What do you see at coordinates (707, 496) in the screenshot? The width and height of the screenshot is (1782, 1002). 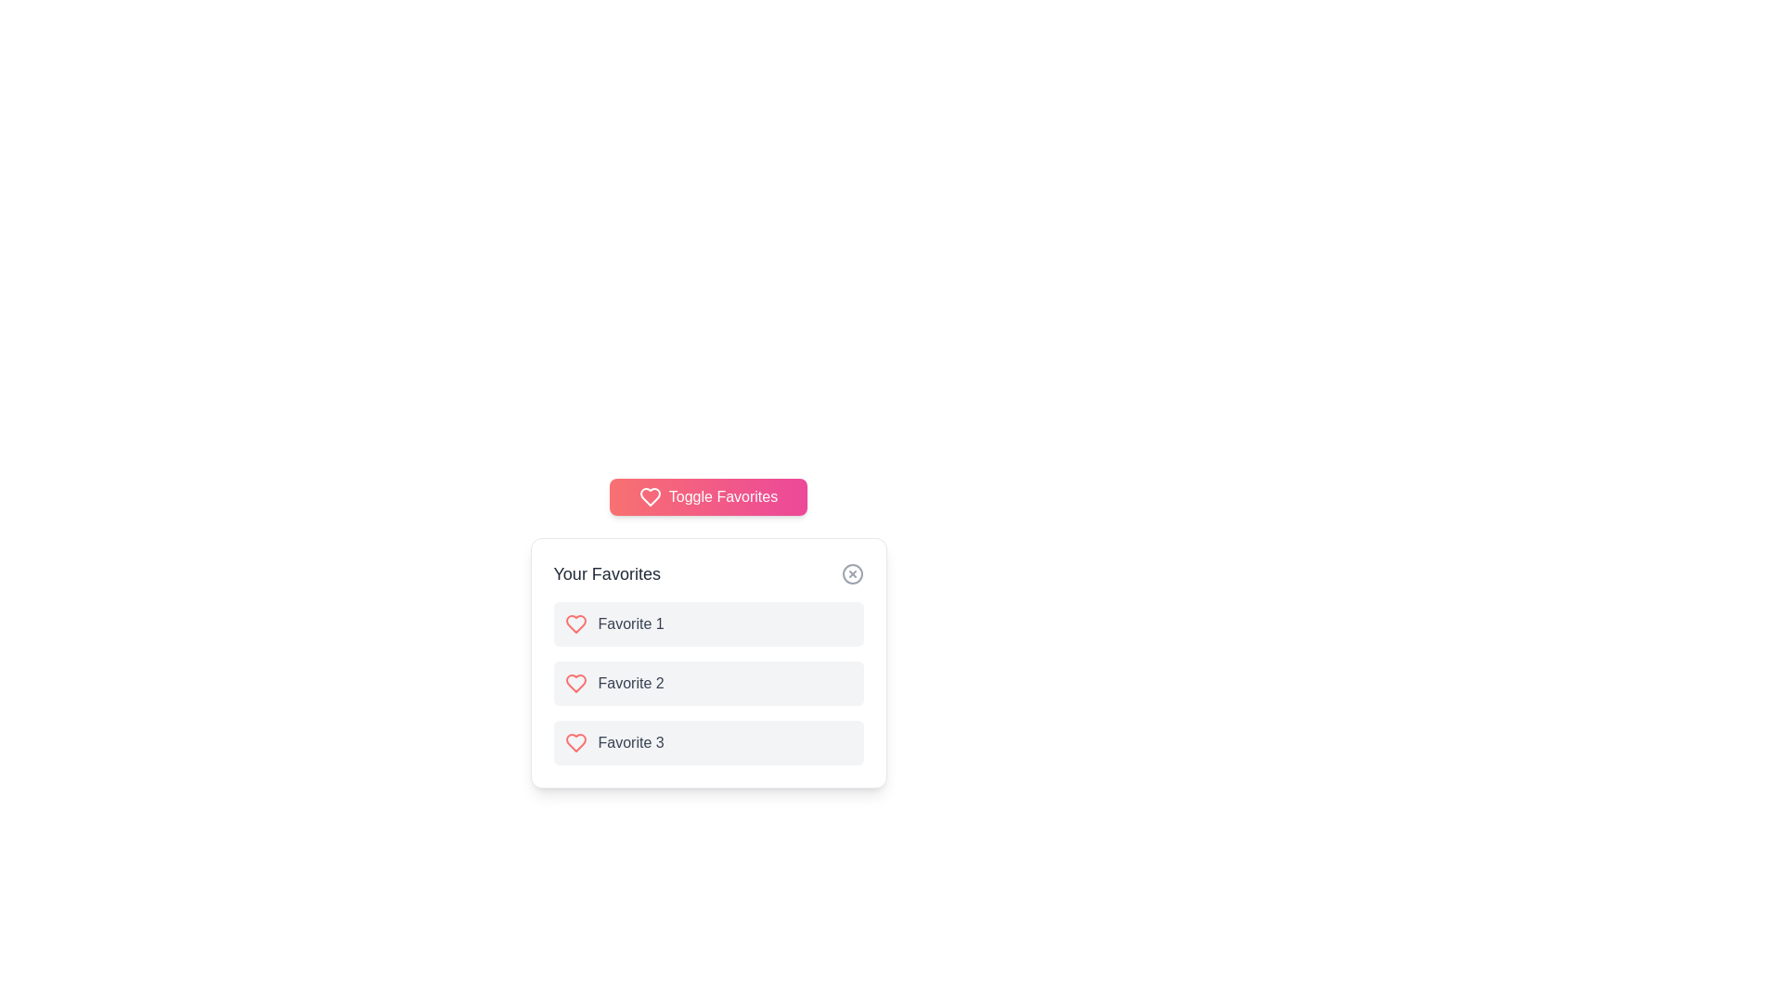 I see `the 'Toggle Favorites' button, which has a gradient background from red to pink and contains white text and a heart icon` at bounding box center [707, 496].